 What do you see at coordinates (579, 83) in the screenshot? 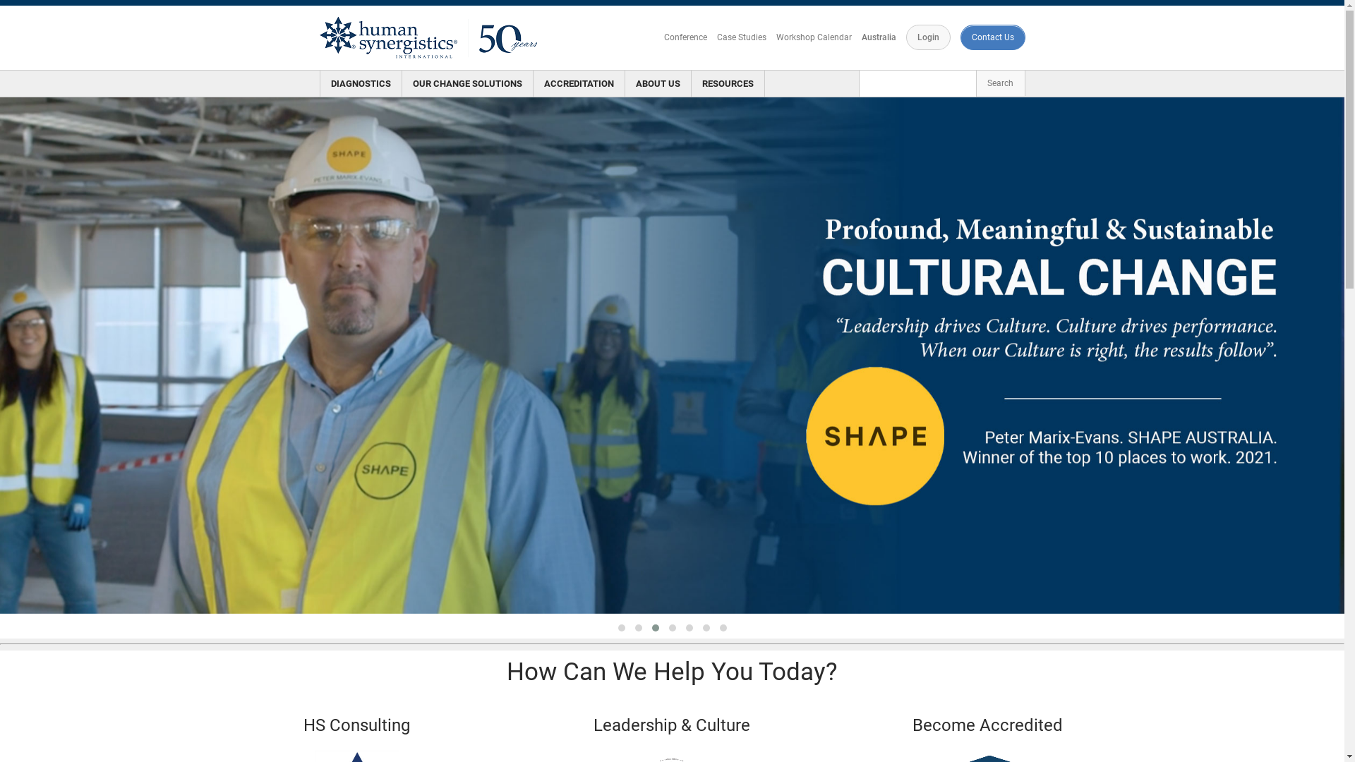
I see `'ACCREDITATION'` at bounding box center [579, 83].